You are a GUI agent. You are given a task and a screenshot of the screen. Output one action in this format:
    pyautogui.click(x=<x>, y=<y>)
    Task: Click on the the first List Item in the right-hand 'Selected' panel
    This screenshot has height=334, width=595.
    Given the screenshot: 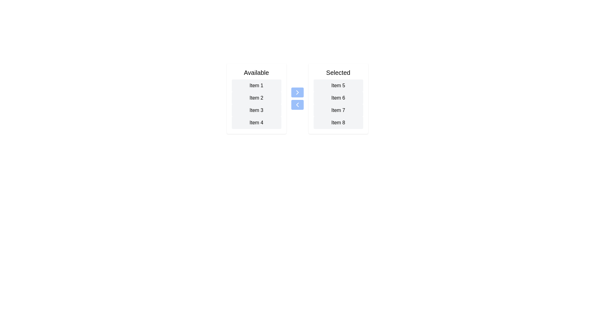 What is the action you would take?
    pyautogui.click(x=338, y=86)
    